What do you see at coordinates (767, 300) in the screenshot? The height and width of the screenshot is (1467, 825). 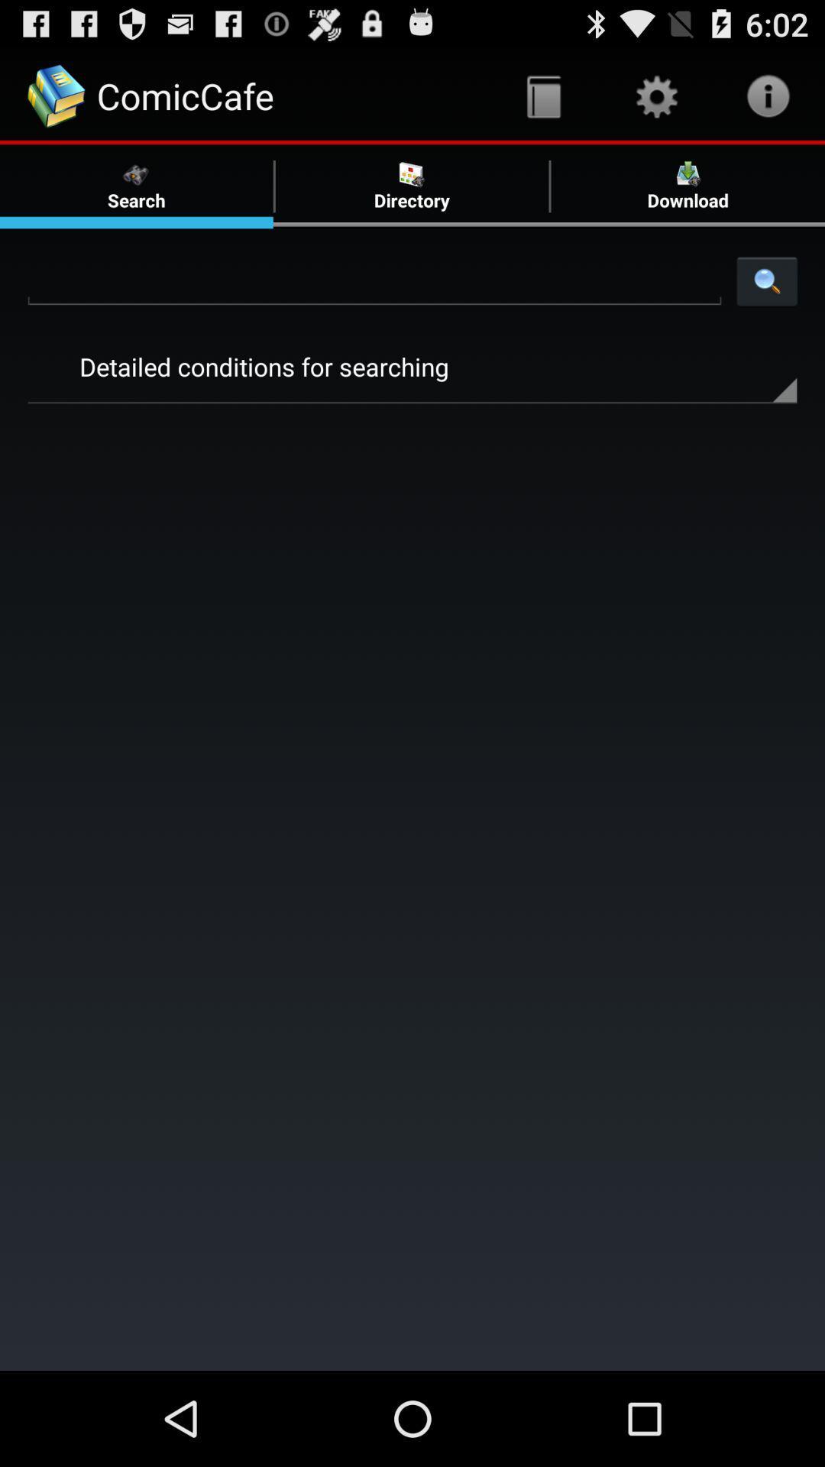 I see `the search icon` at bounding box center [767, 300].